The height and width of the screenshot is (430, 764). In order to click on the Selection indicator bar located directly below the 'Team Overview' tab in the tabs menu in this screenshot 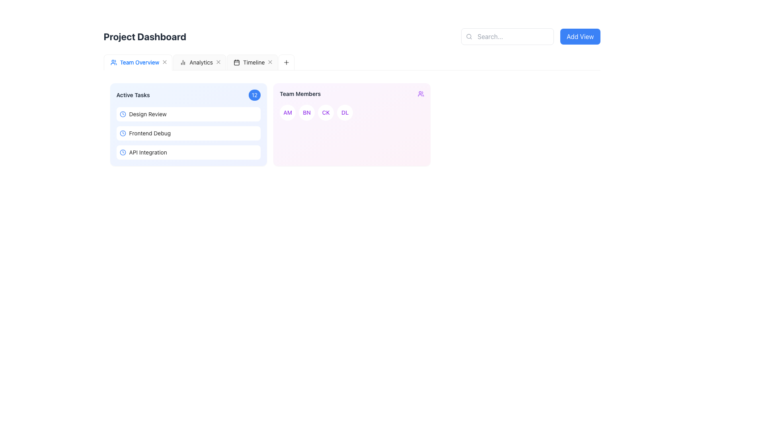, I will do `click(138, 70)`.